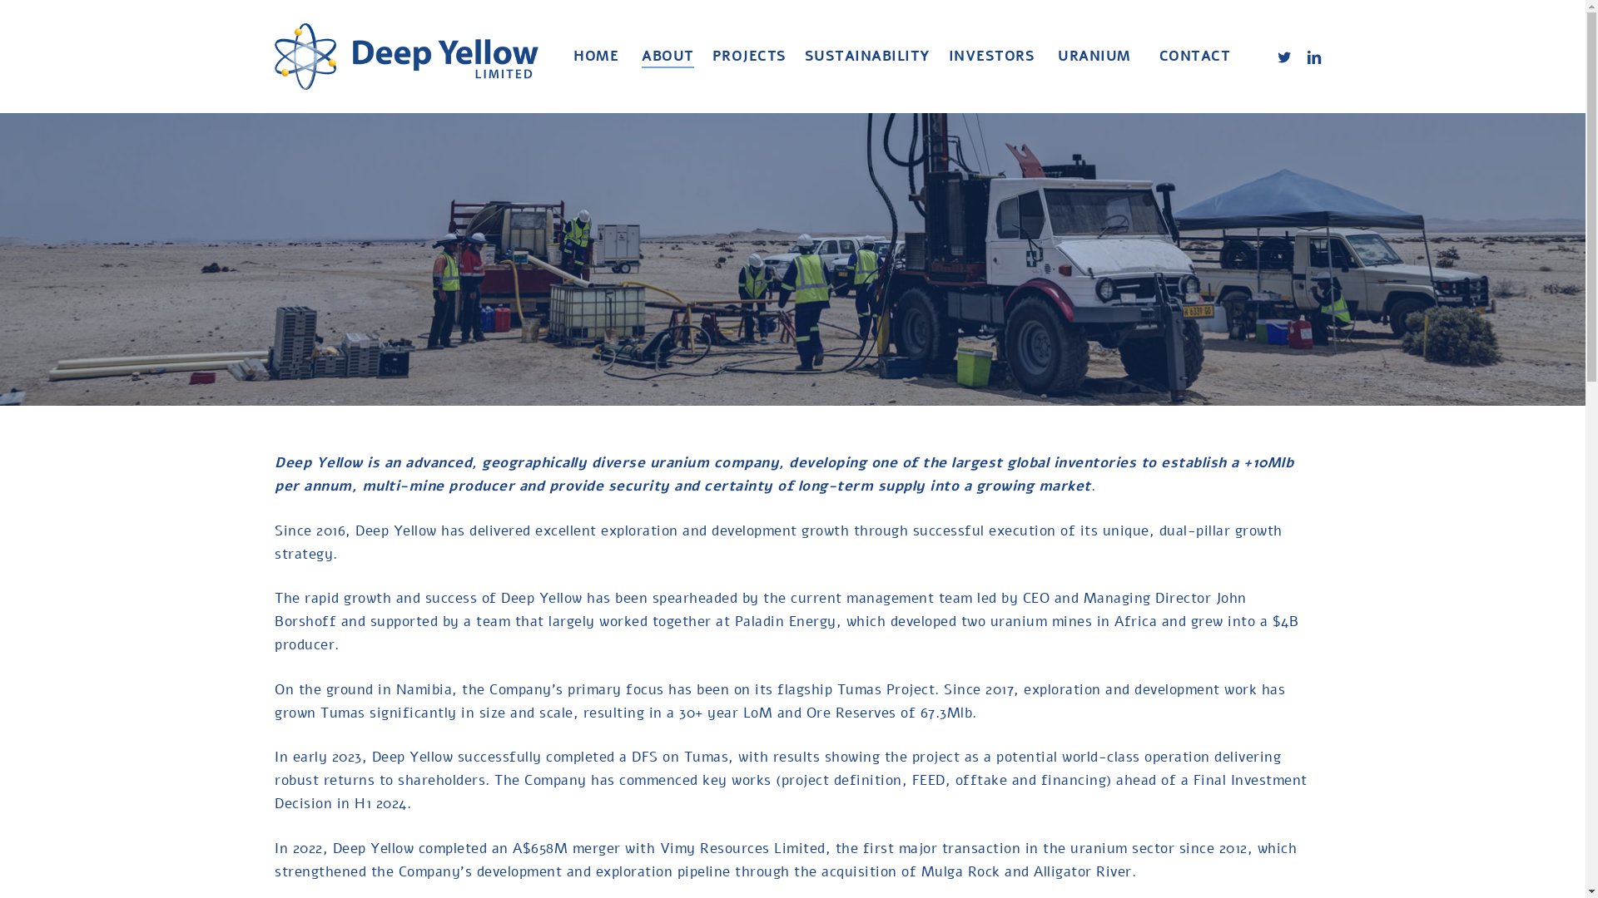 The width and height of the screenshot is (1598, 898). What do you see at coordinates (667, 56) in the screenshot?
I see `'ABOUT'` at bounding box center [667, 56].